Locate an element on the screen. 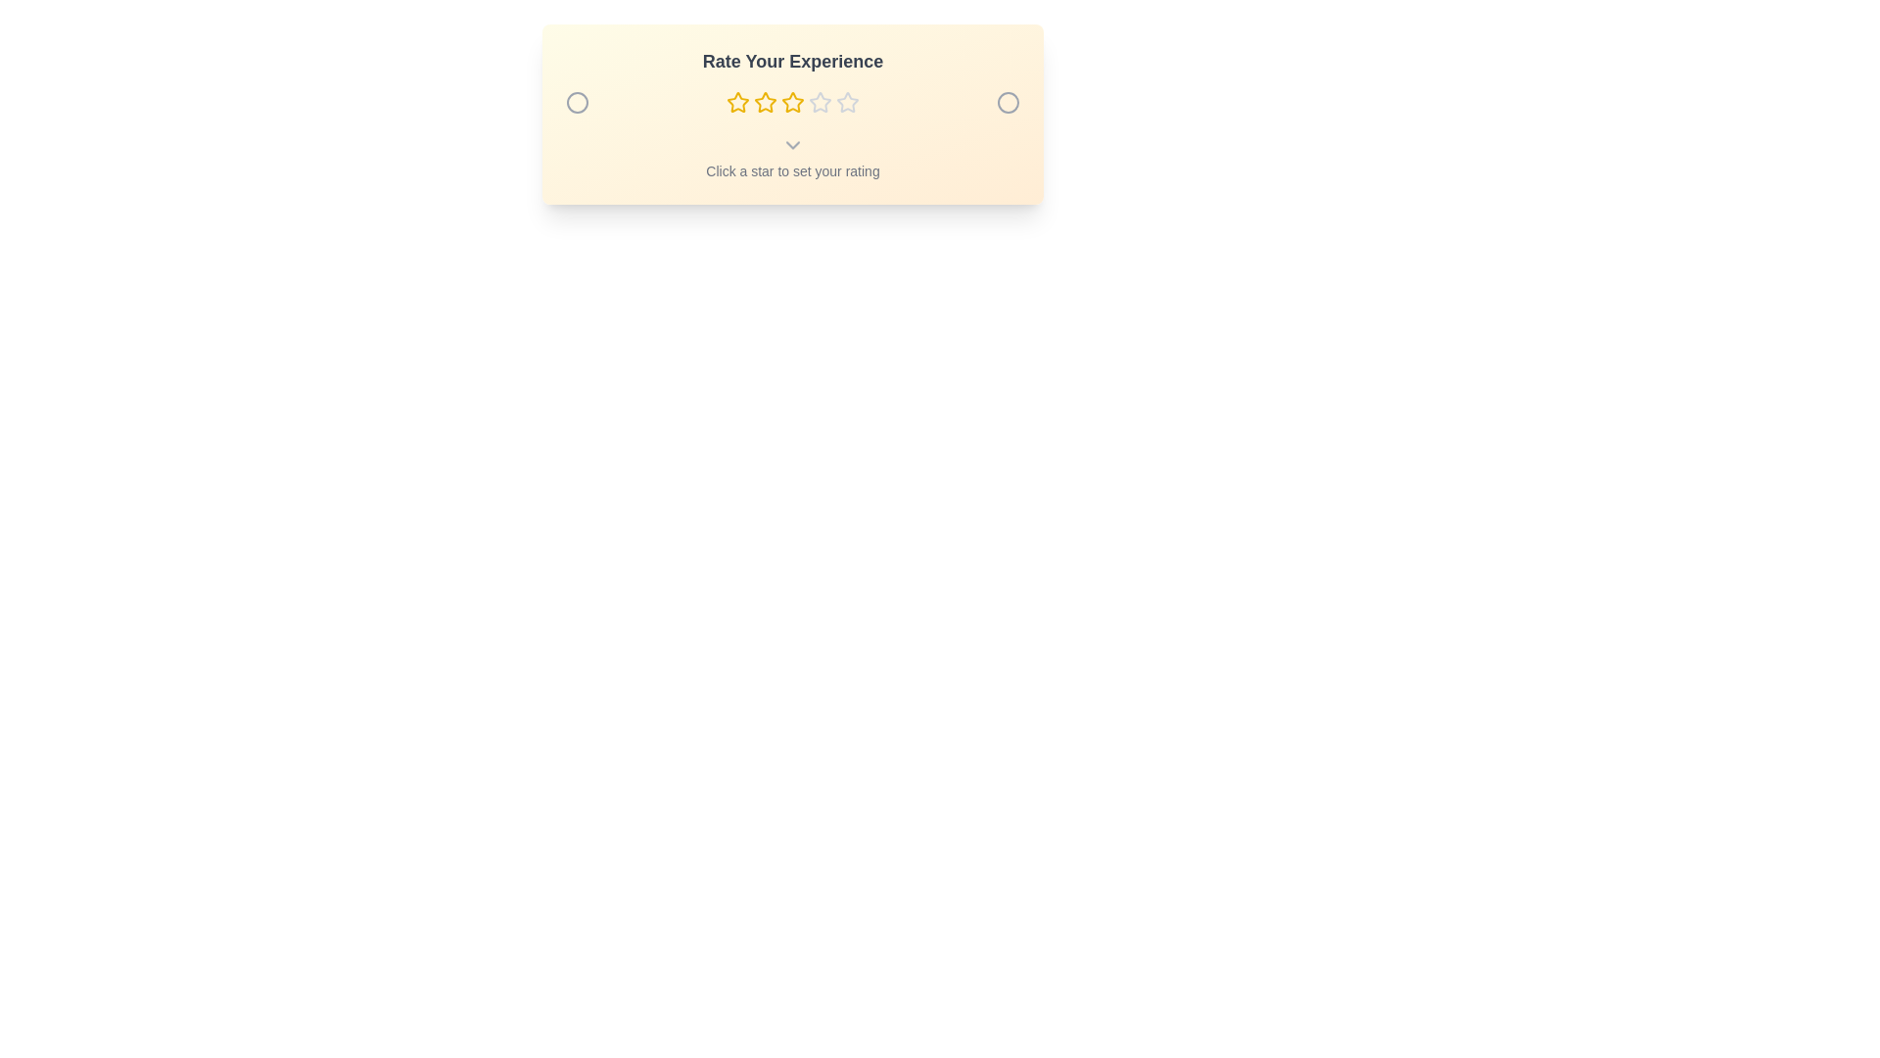 This screenshot has height=1058, width=1880. the decorative circle on the left side of the rating component is located at coordinates (577, 102).